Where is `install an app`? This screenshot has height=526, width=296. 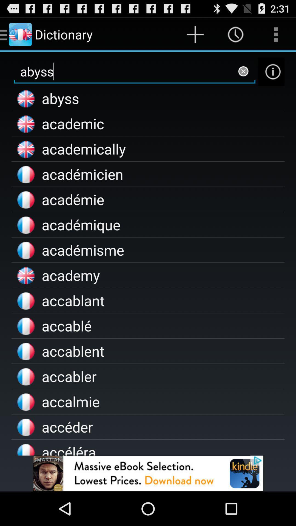 install an app is located at coordinates (148, 473).